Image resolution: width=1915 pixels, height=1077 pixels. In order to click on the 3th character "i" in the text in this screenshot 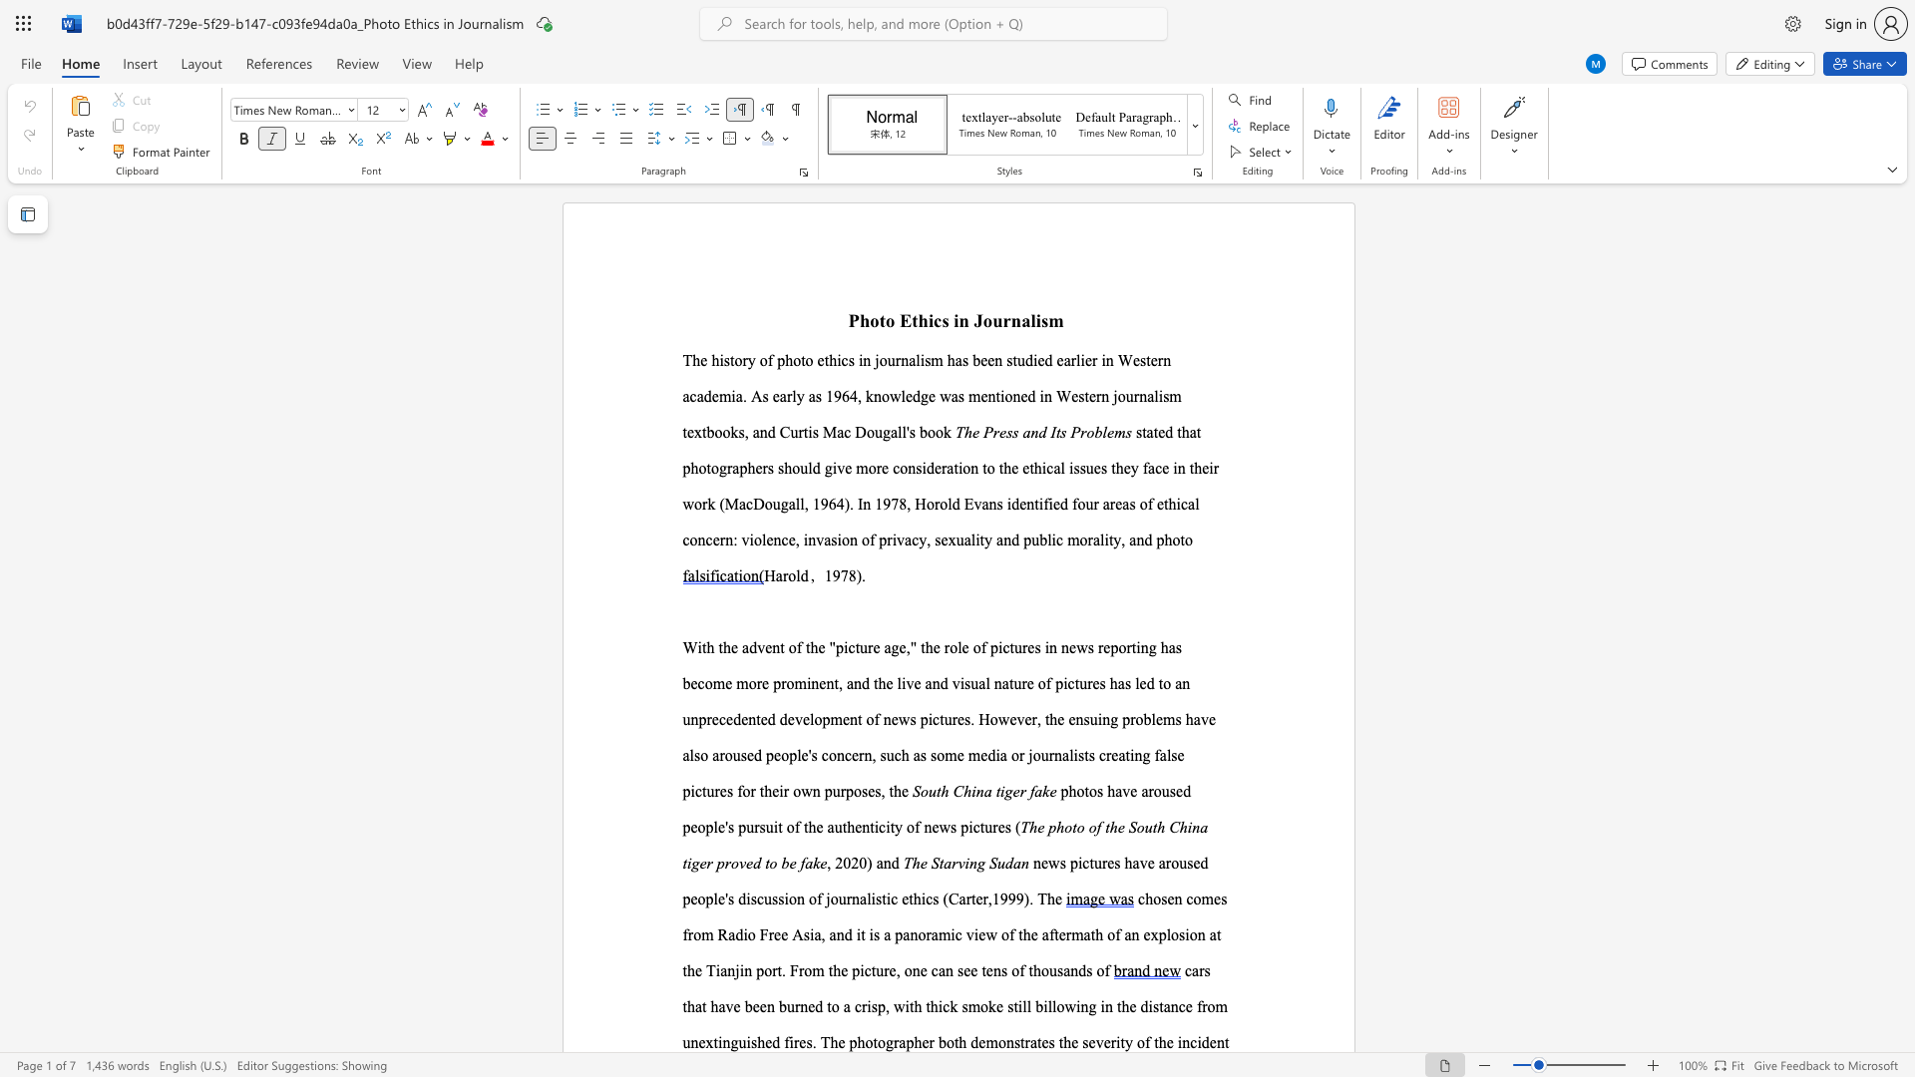, I will do `click(1049, 503)`.